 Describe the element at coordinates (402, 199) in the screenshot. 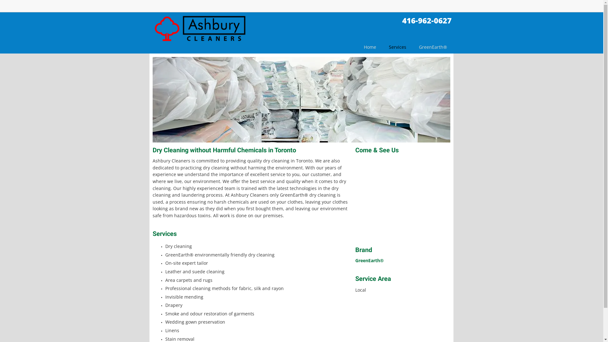

I see `'Google Maps'` at that location.